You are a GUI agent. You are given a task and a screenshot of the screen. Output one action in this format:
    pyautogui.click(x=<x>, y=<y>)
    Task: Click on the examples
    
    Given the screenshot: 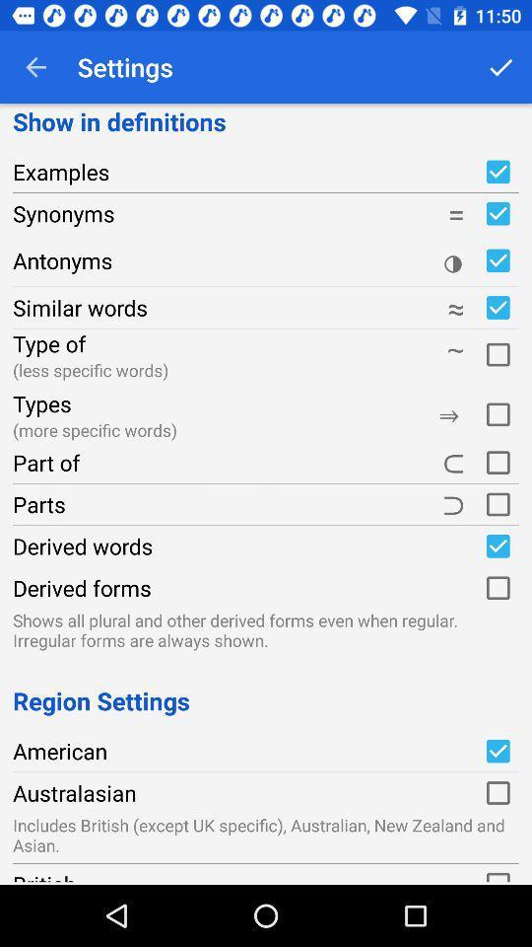 What is the action you would take?
    pyautogui.click(x=497, y=171)
    